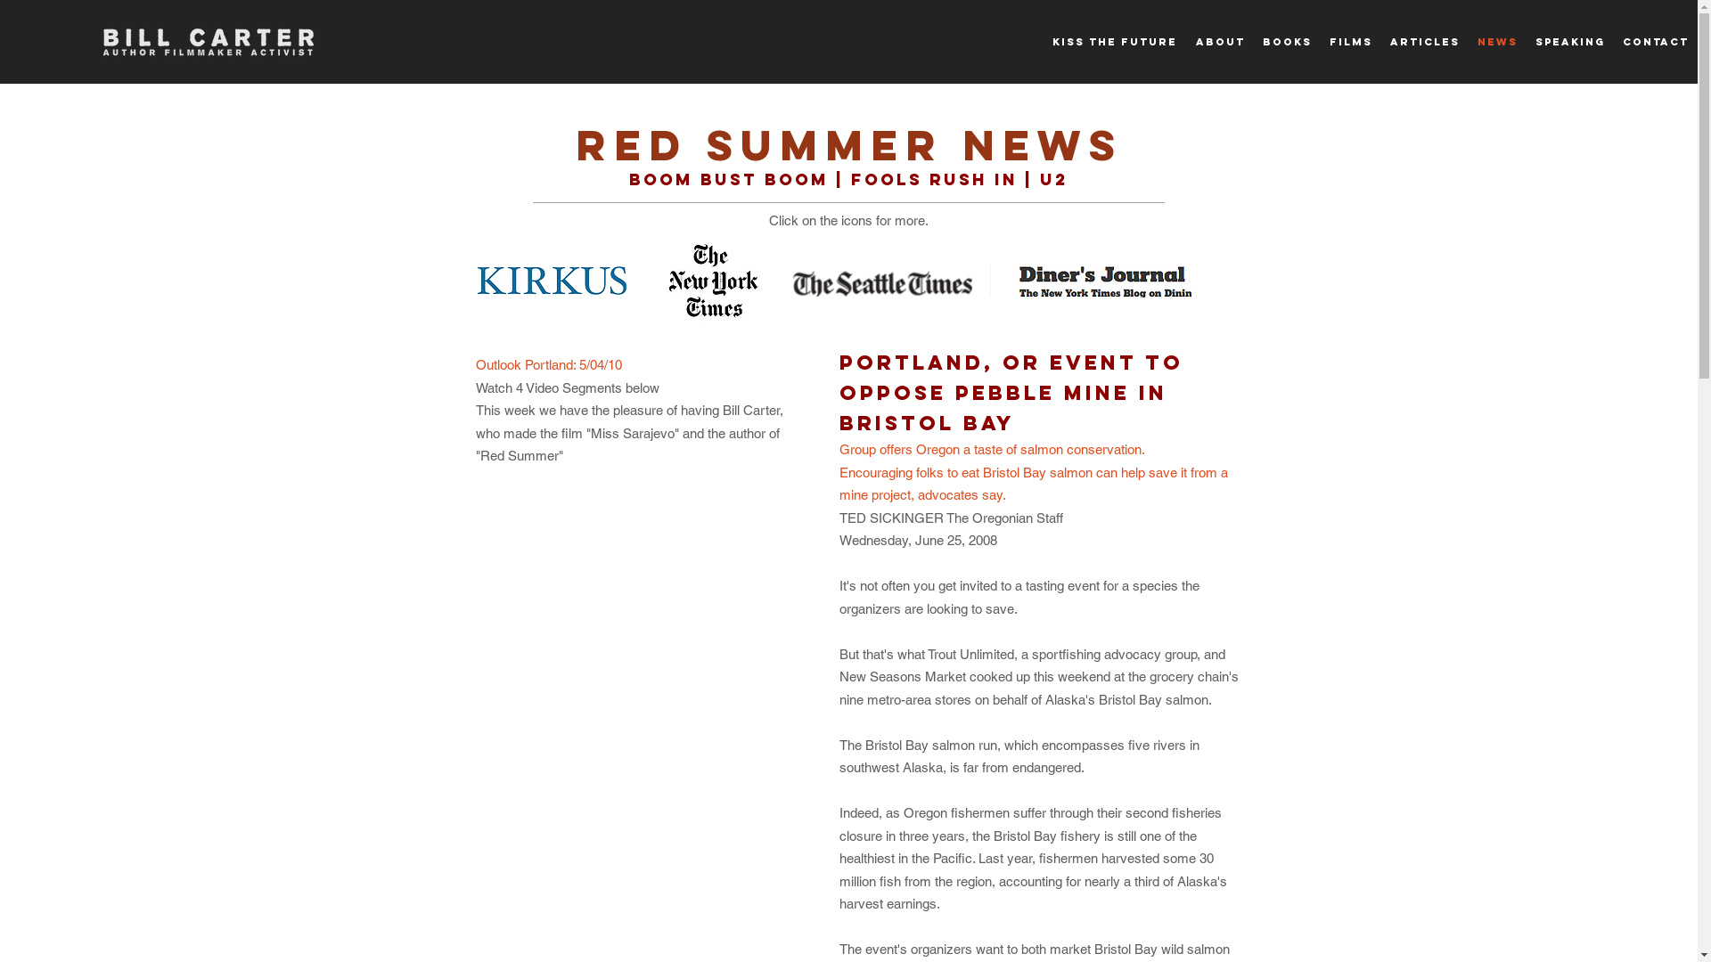 This screenshot has height=962, width=1711. Describe the element at coordinates (551, 281) in the screenshot. I see `'kirkus_500x95.png'` at that location.